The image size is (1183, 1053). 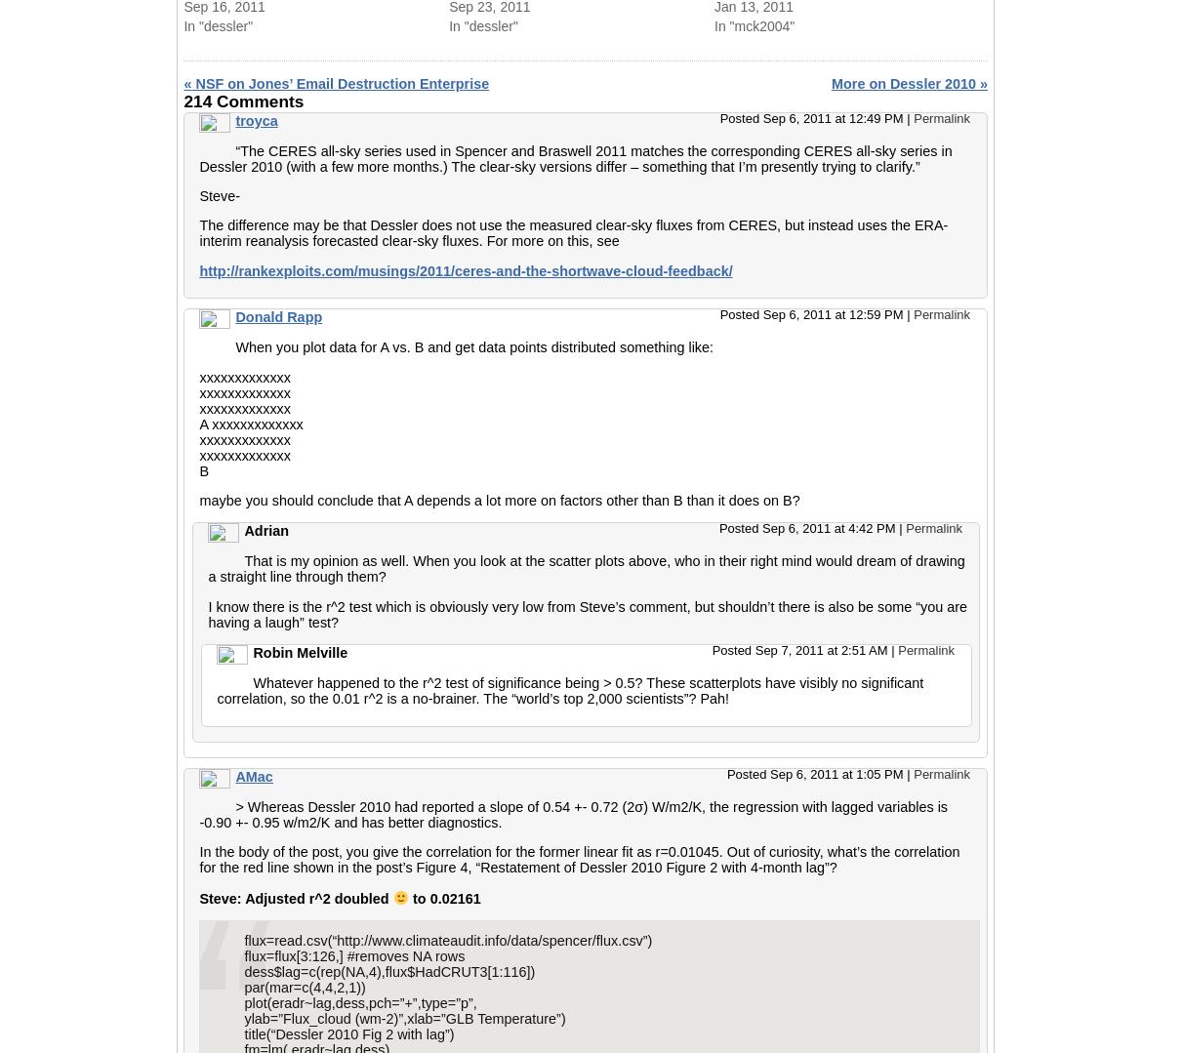 What do you see at coordinates (683, 36) in the screenshot?
I see `'dessler'` at bounding box center [683, 36].